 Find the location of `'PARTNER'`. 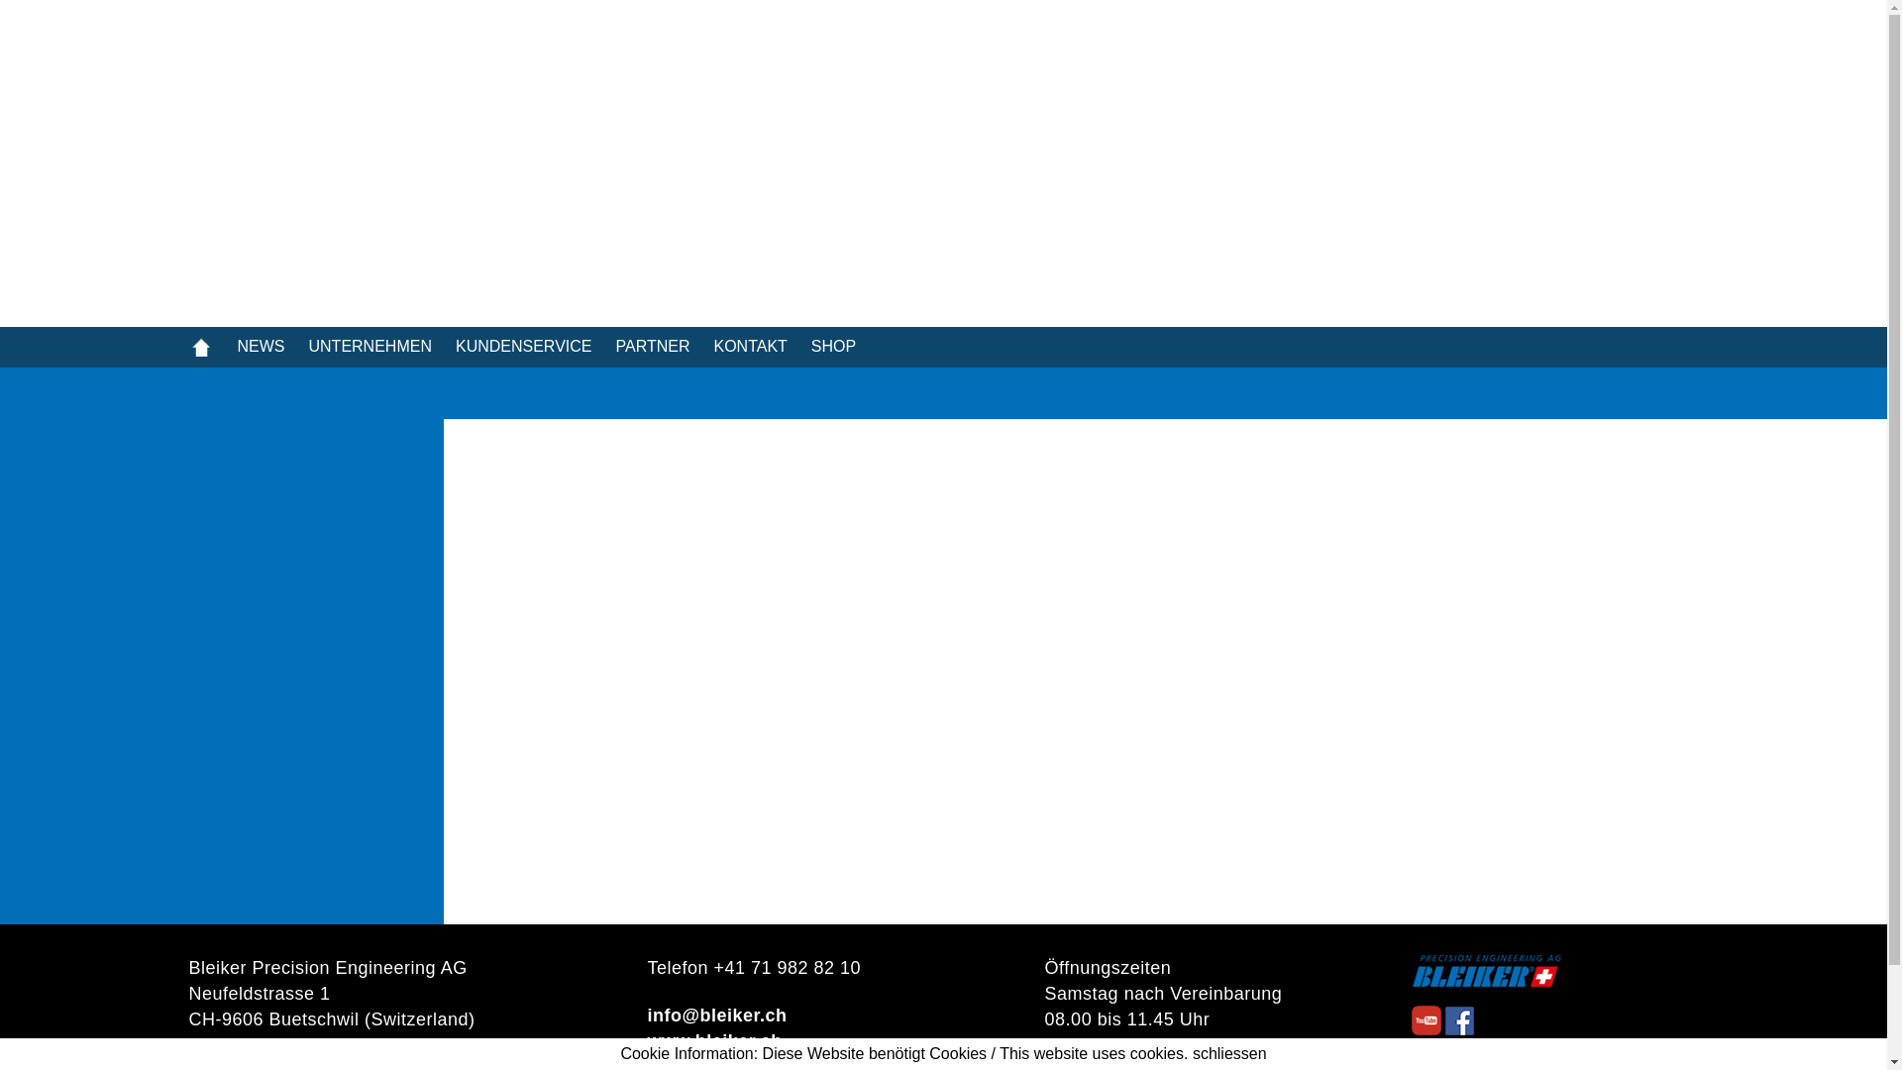

'PARTNER' is located at coordinates (664, 345).